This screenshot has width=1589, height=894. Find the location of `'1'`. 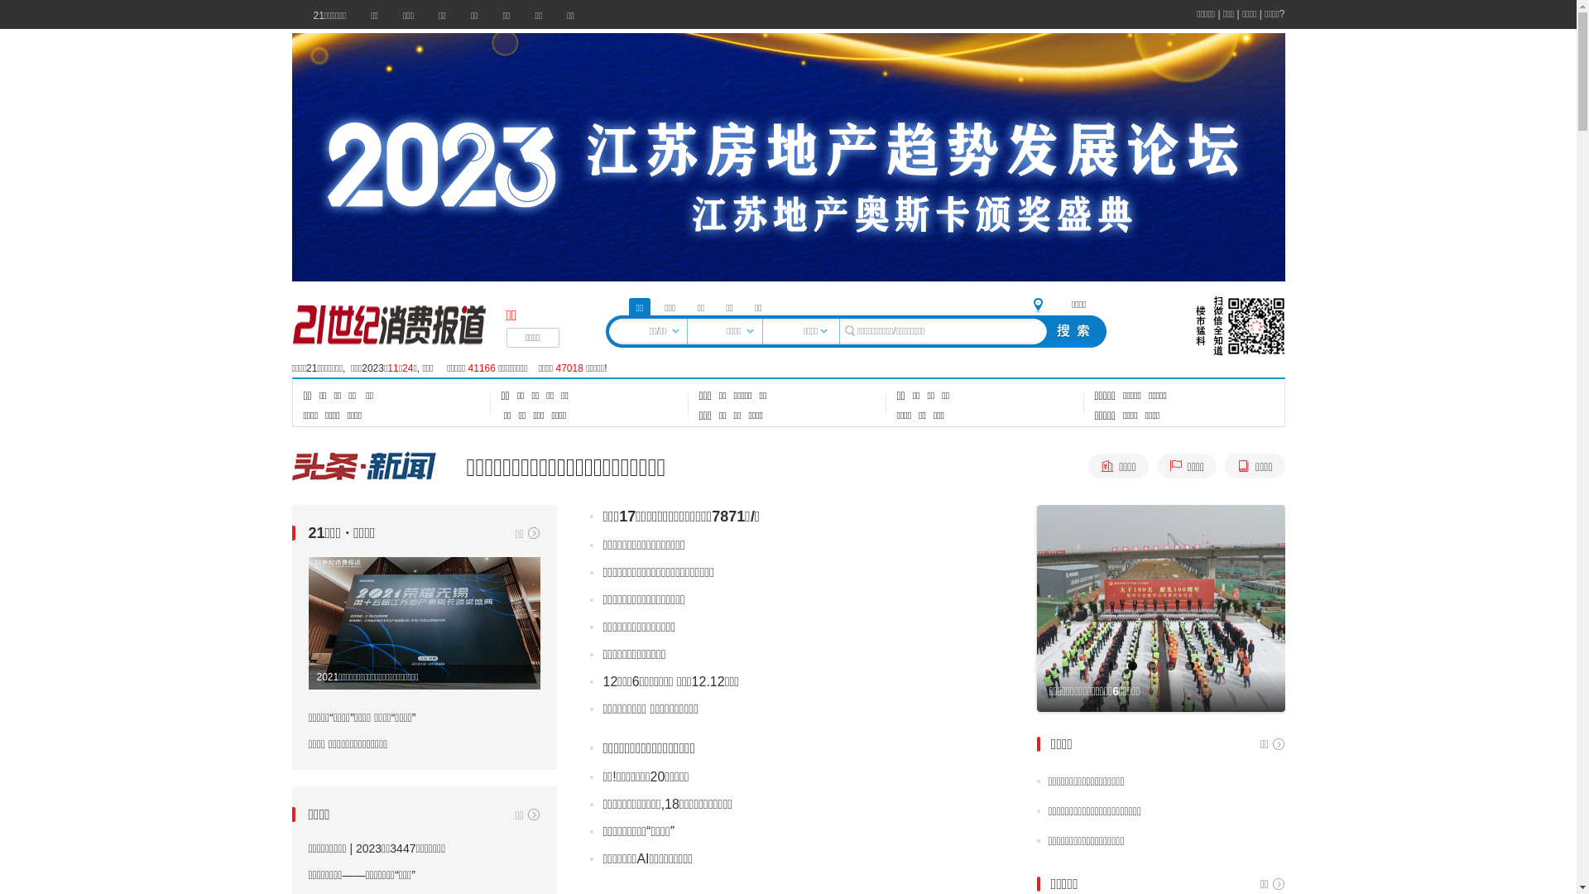

'1' is located at coordinates (1113, 665).